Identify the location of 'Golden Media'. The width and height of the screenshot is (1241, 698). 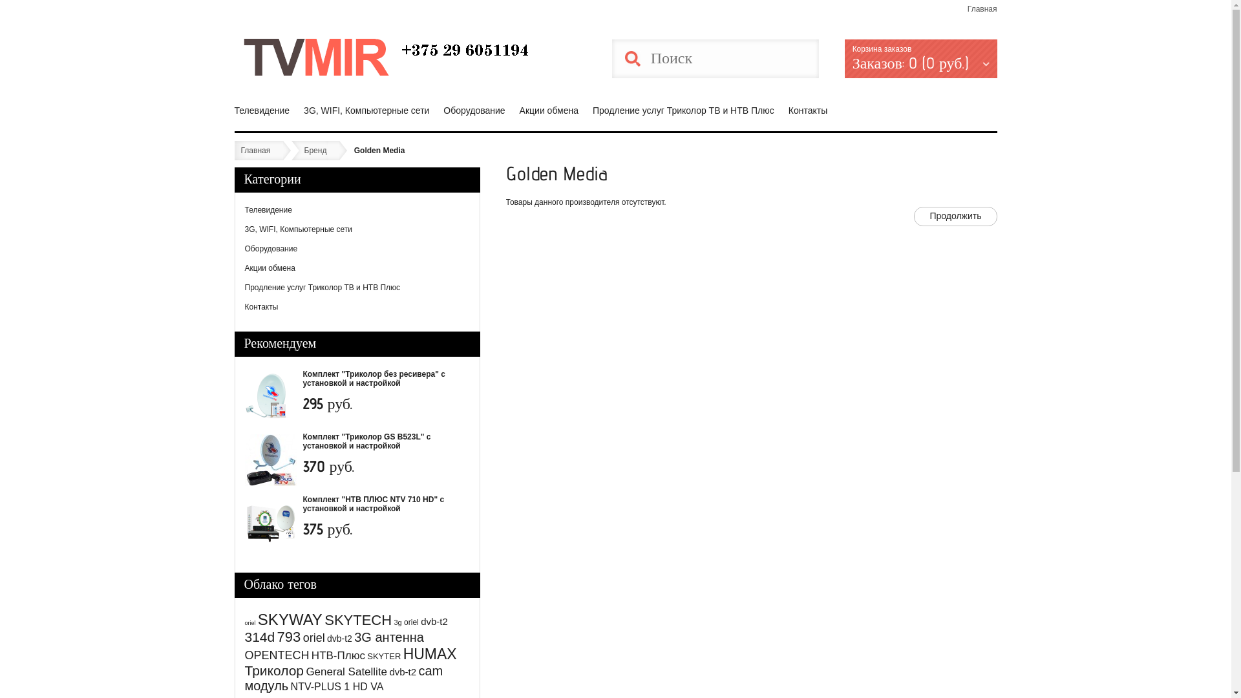
(354, 149).